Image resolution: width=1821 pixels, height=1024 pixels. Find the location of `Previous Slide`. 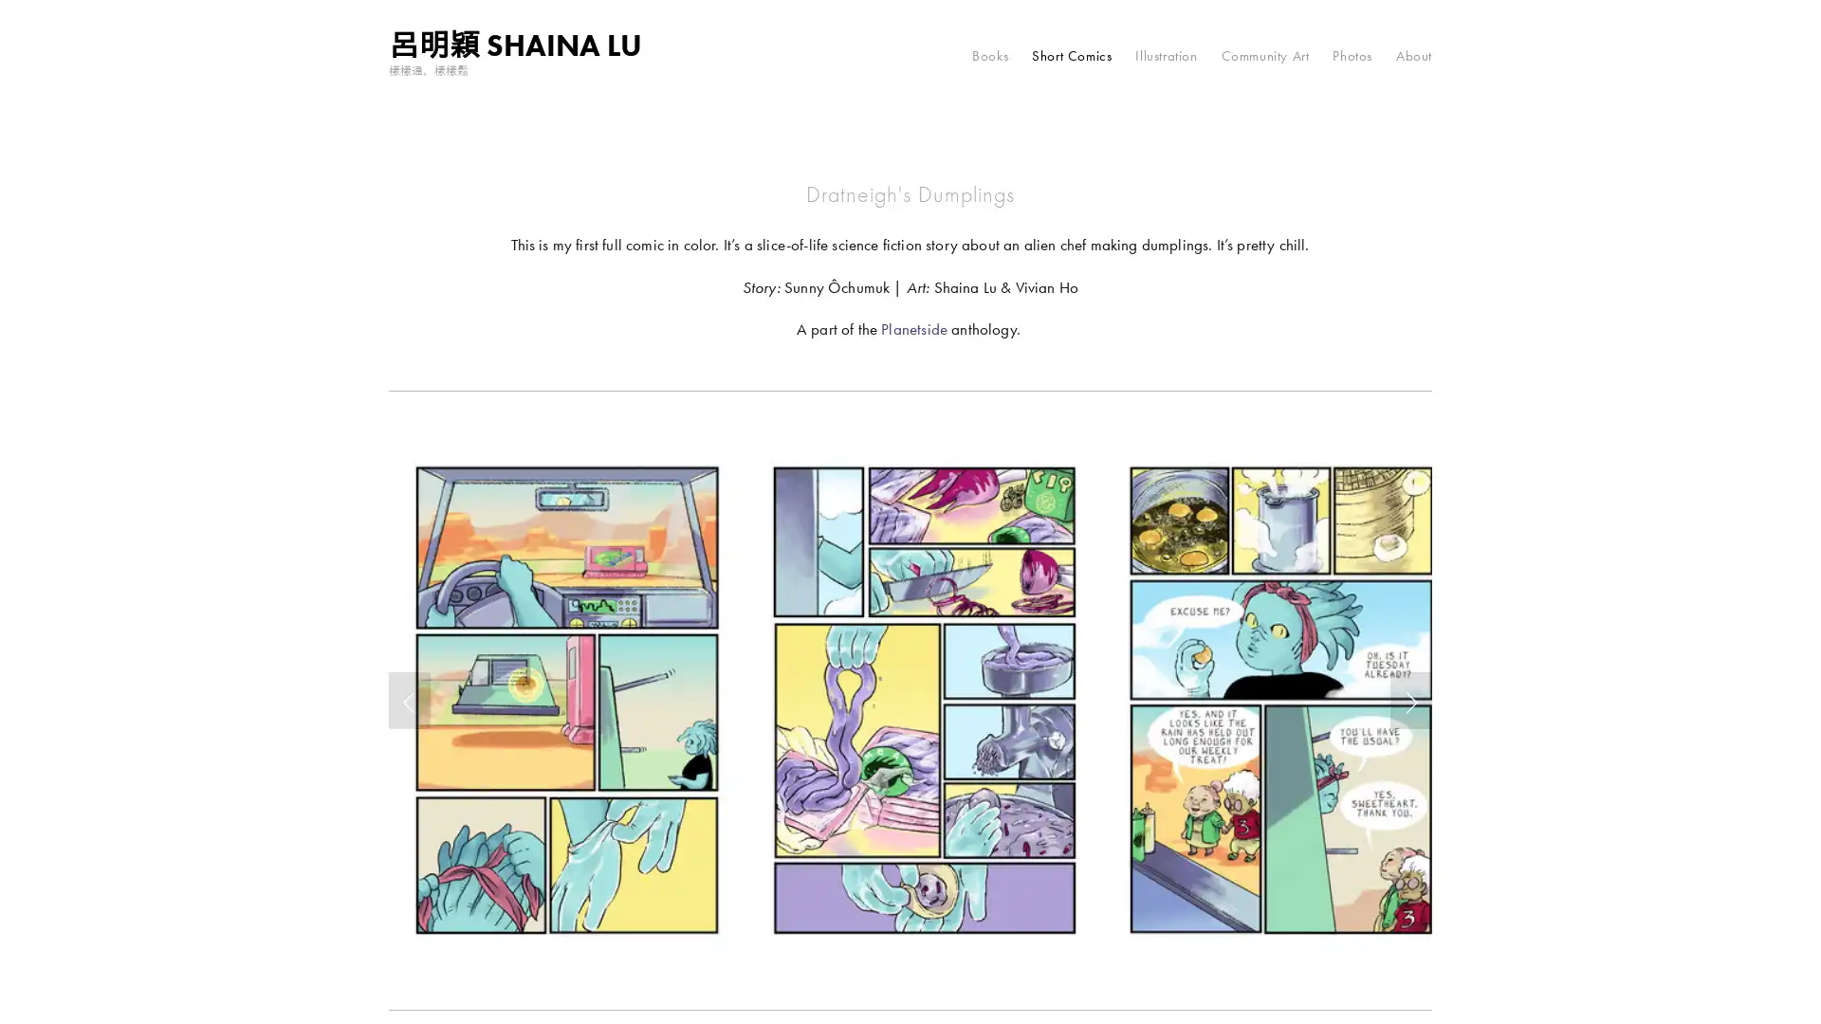

Previous Slide is located at coordinates (409, 699).